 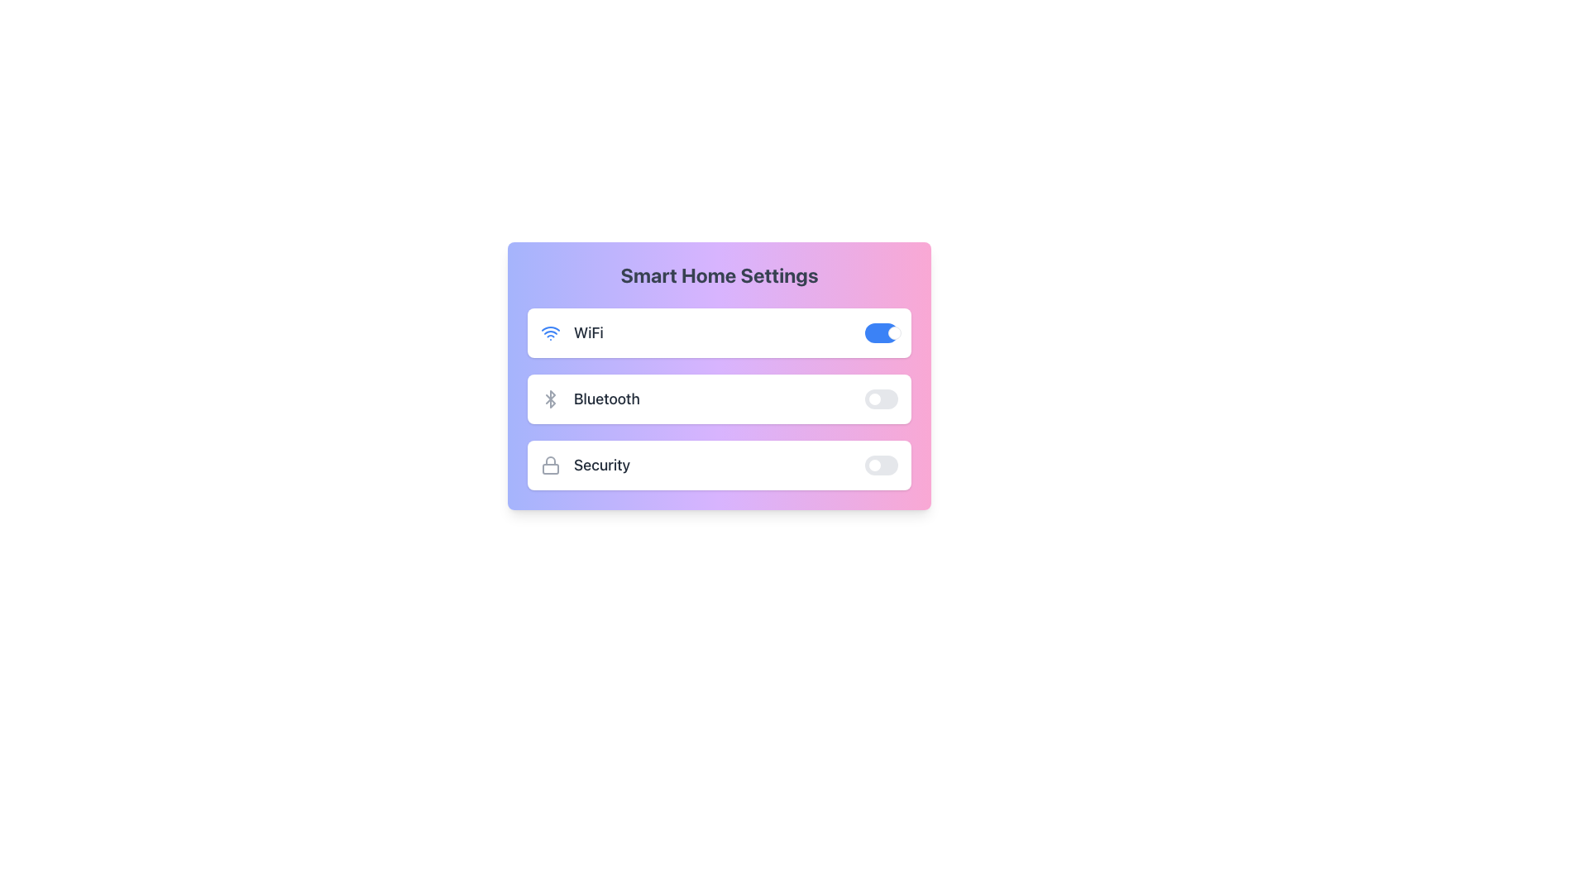 What do you see at coordinates (572, 332) in the screenshot?
I see `the Label with Icon indicating the WiFi settings option, which provides visual feedback for the toggle switch to the right` at bounding box center [572, 332].